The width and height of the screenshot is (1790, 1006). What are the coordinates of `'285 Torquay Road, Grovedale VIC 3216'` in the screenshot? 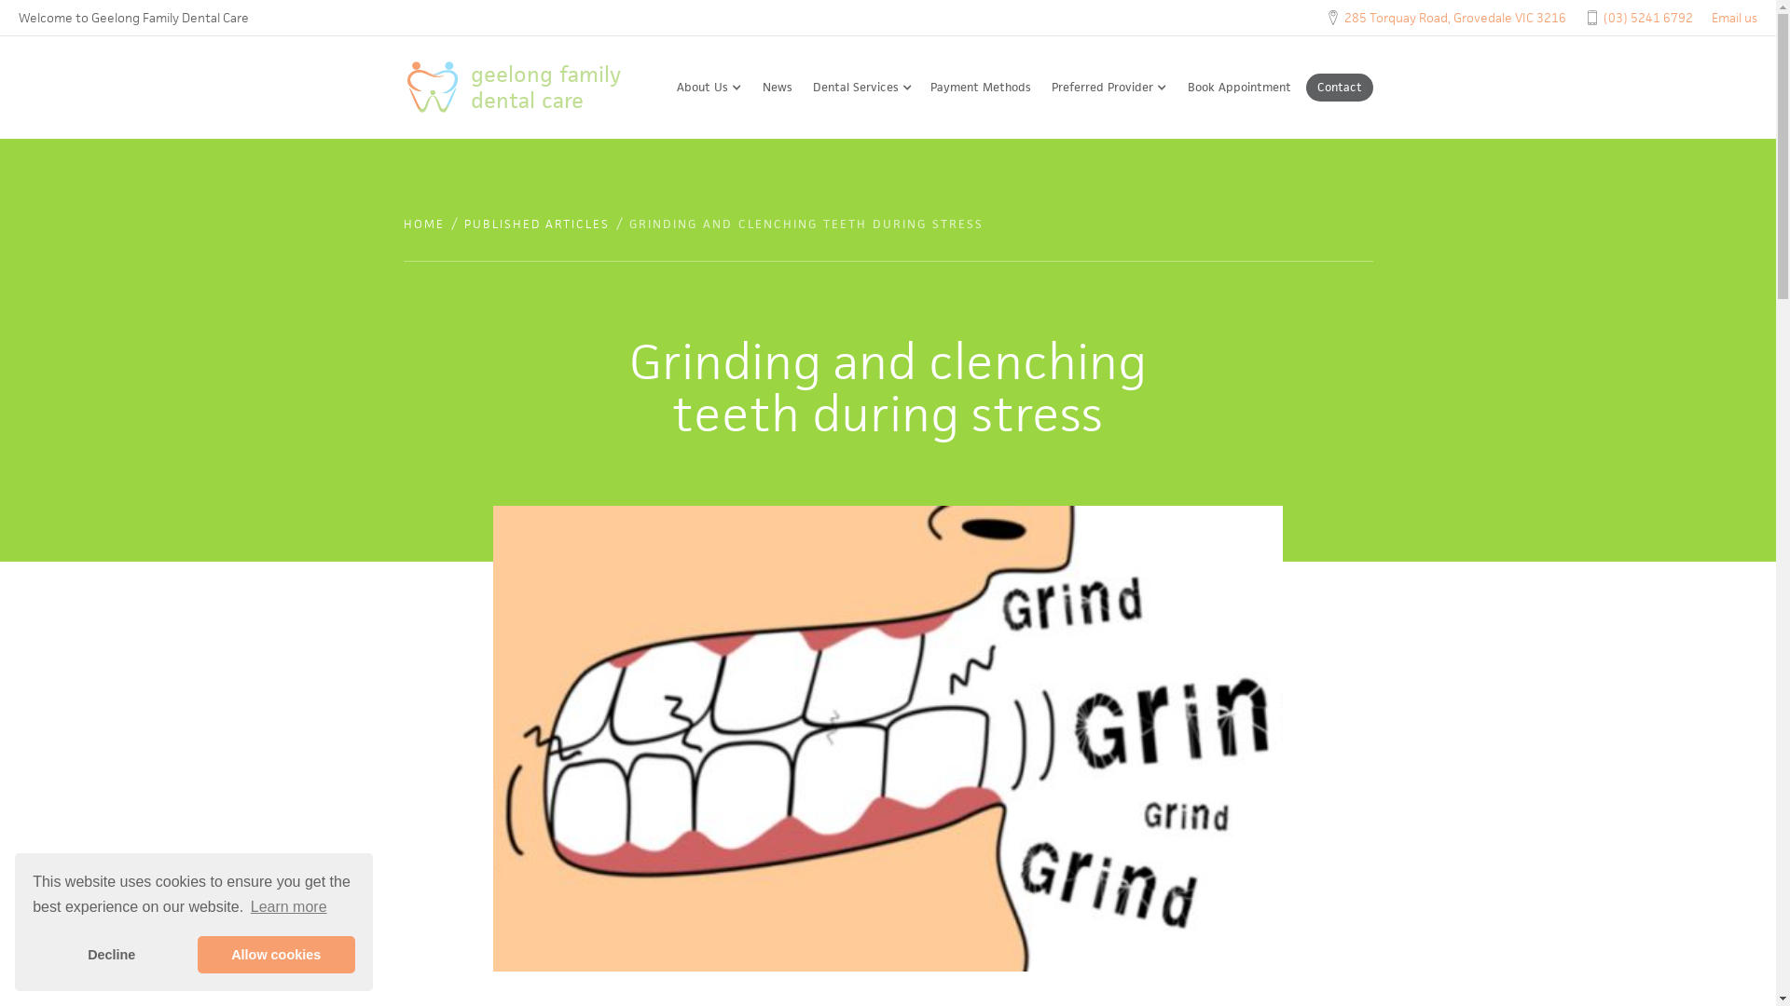 It's located at (1453, 18).